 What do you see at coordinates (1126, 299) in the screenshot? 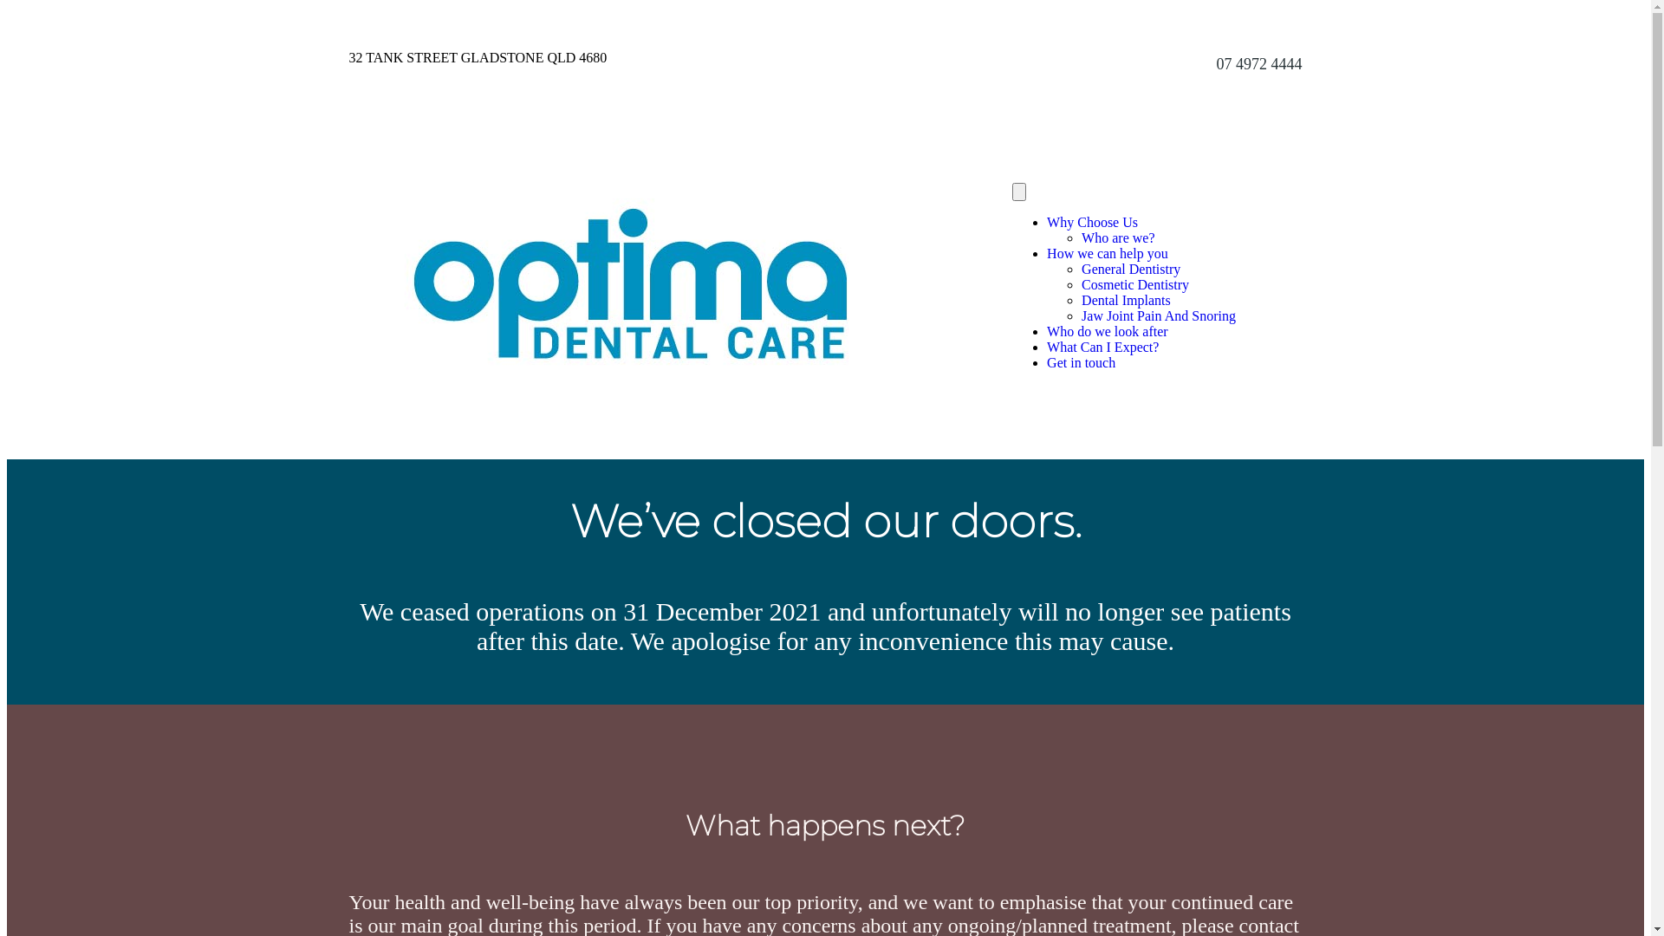
I see `'Dental Implants'` at bounding box center [1126, 299].